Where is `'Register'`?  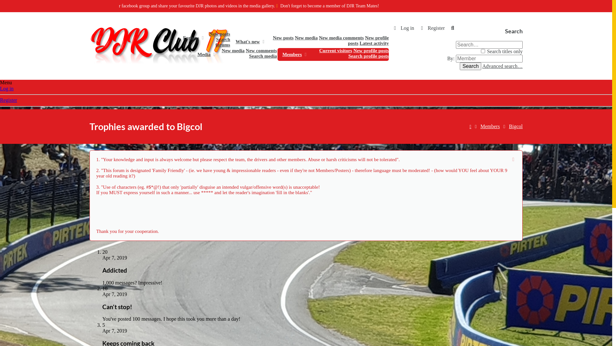
'Register' is located at coordinates (8, 100).